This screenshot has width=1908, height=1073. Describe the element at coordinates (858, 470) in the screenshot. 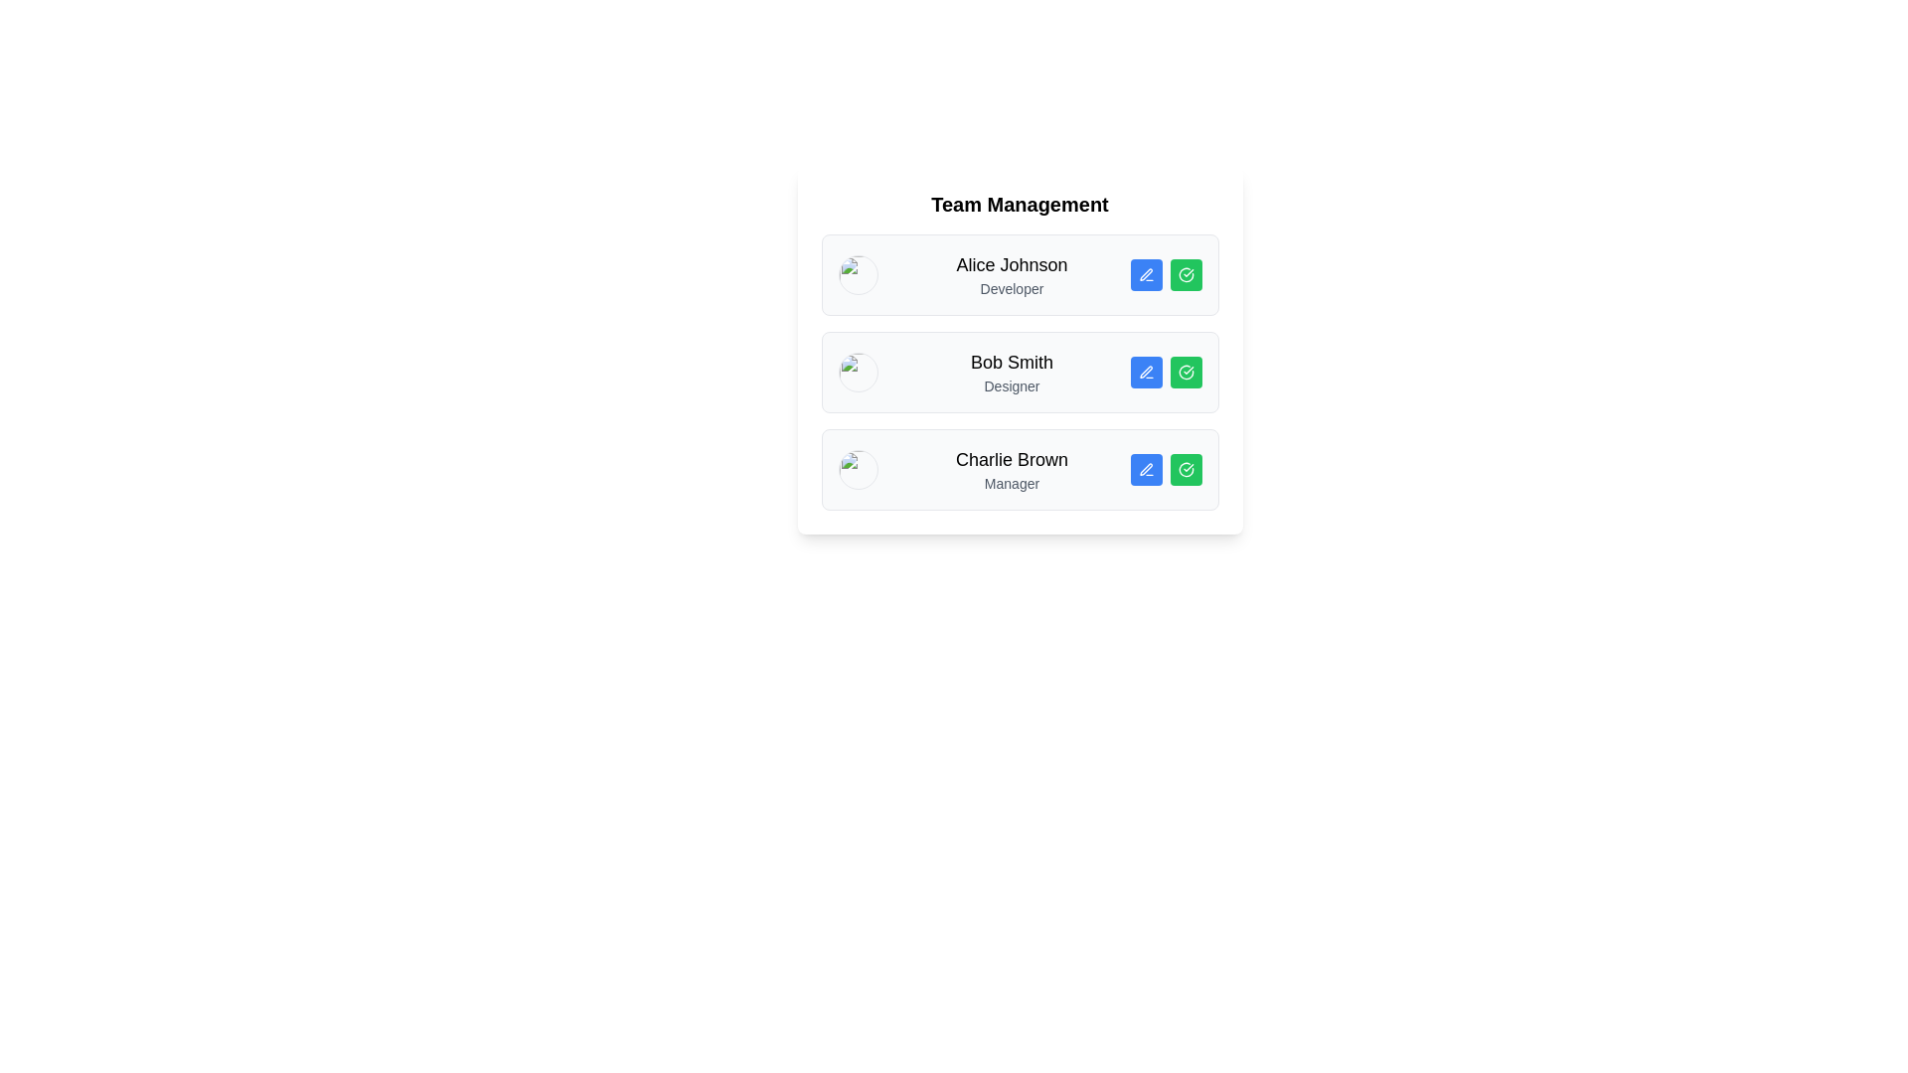

I see `the Avatar element representing the user in the third row of the Team Management interface, which is the leftmost element in that row` at that location.